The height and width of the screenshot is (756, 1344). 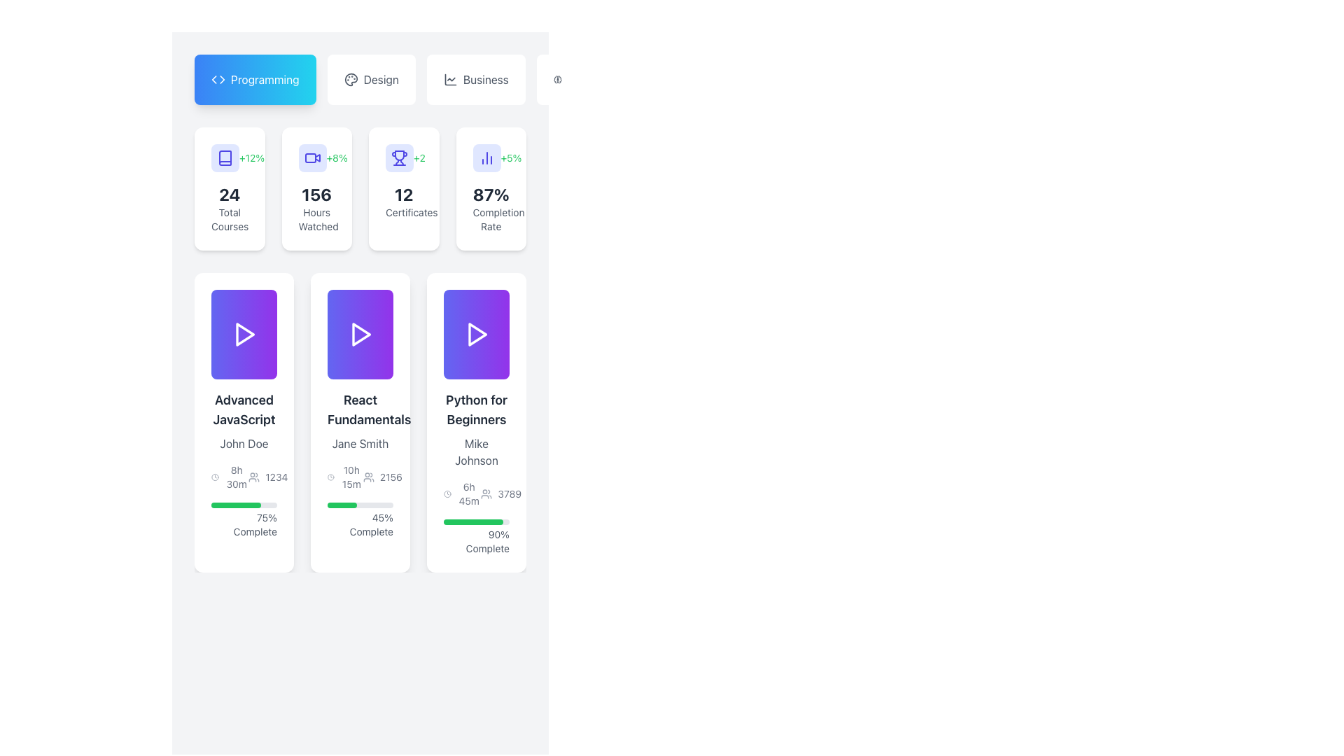 What do you see at coordinates (245, 335) in the screenshot?
I see `the triangular play icon, which is styled in white color with a purple background, located in the center of the thumbnail section of the 'Advanced JavaScript' course card` at bounding box center [245, 335].